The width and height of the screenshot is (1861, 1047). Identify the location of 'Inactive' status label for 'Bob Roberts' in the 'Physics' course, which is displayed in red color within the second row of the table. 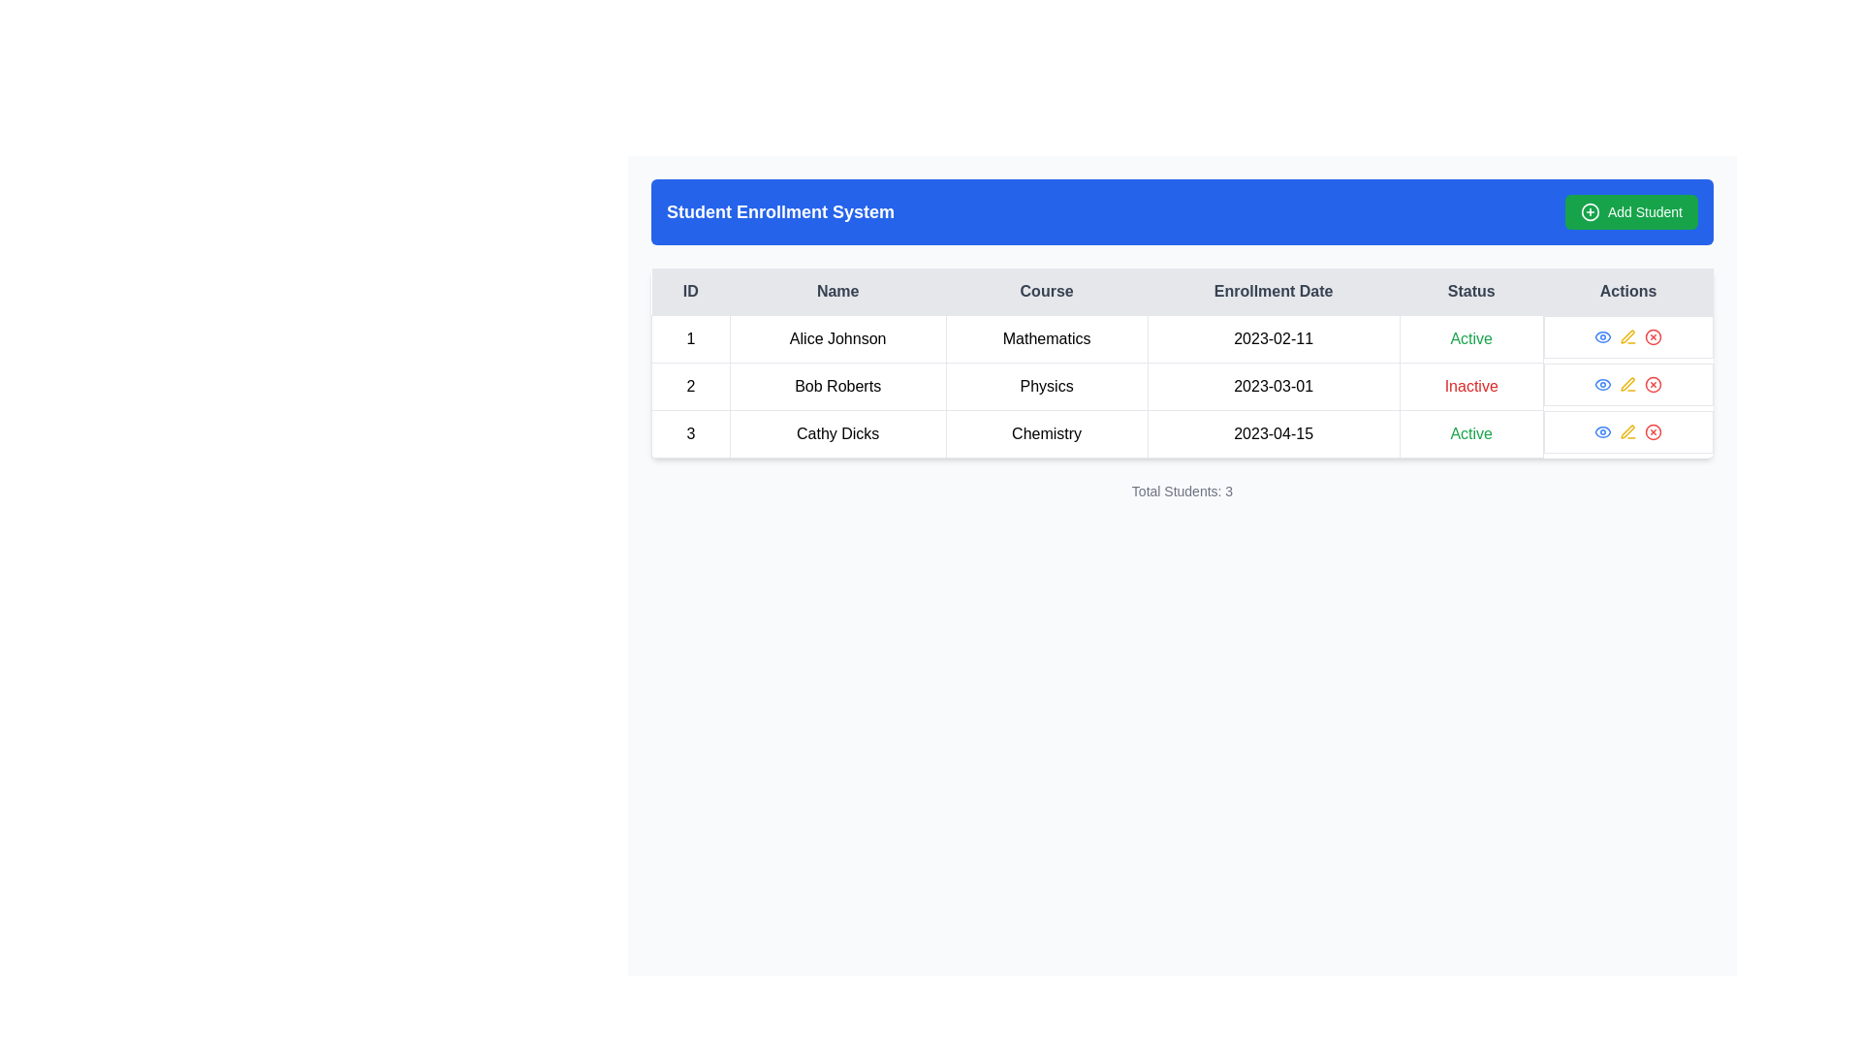
(1471, 386).